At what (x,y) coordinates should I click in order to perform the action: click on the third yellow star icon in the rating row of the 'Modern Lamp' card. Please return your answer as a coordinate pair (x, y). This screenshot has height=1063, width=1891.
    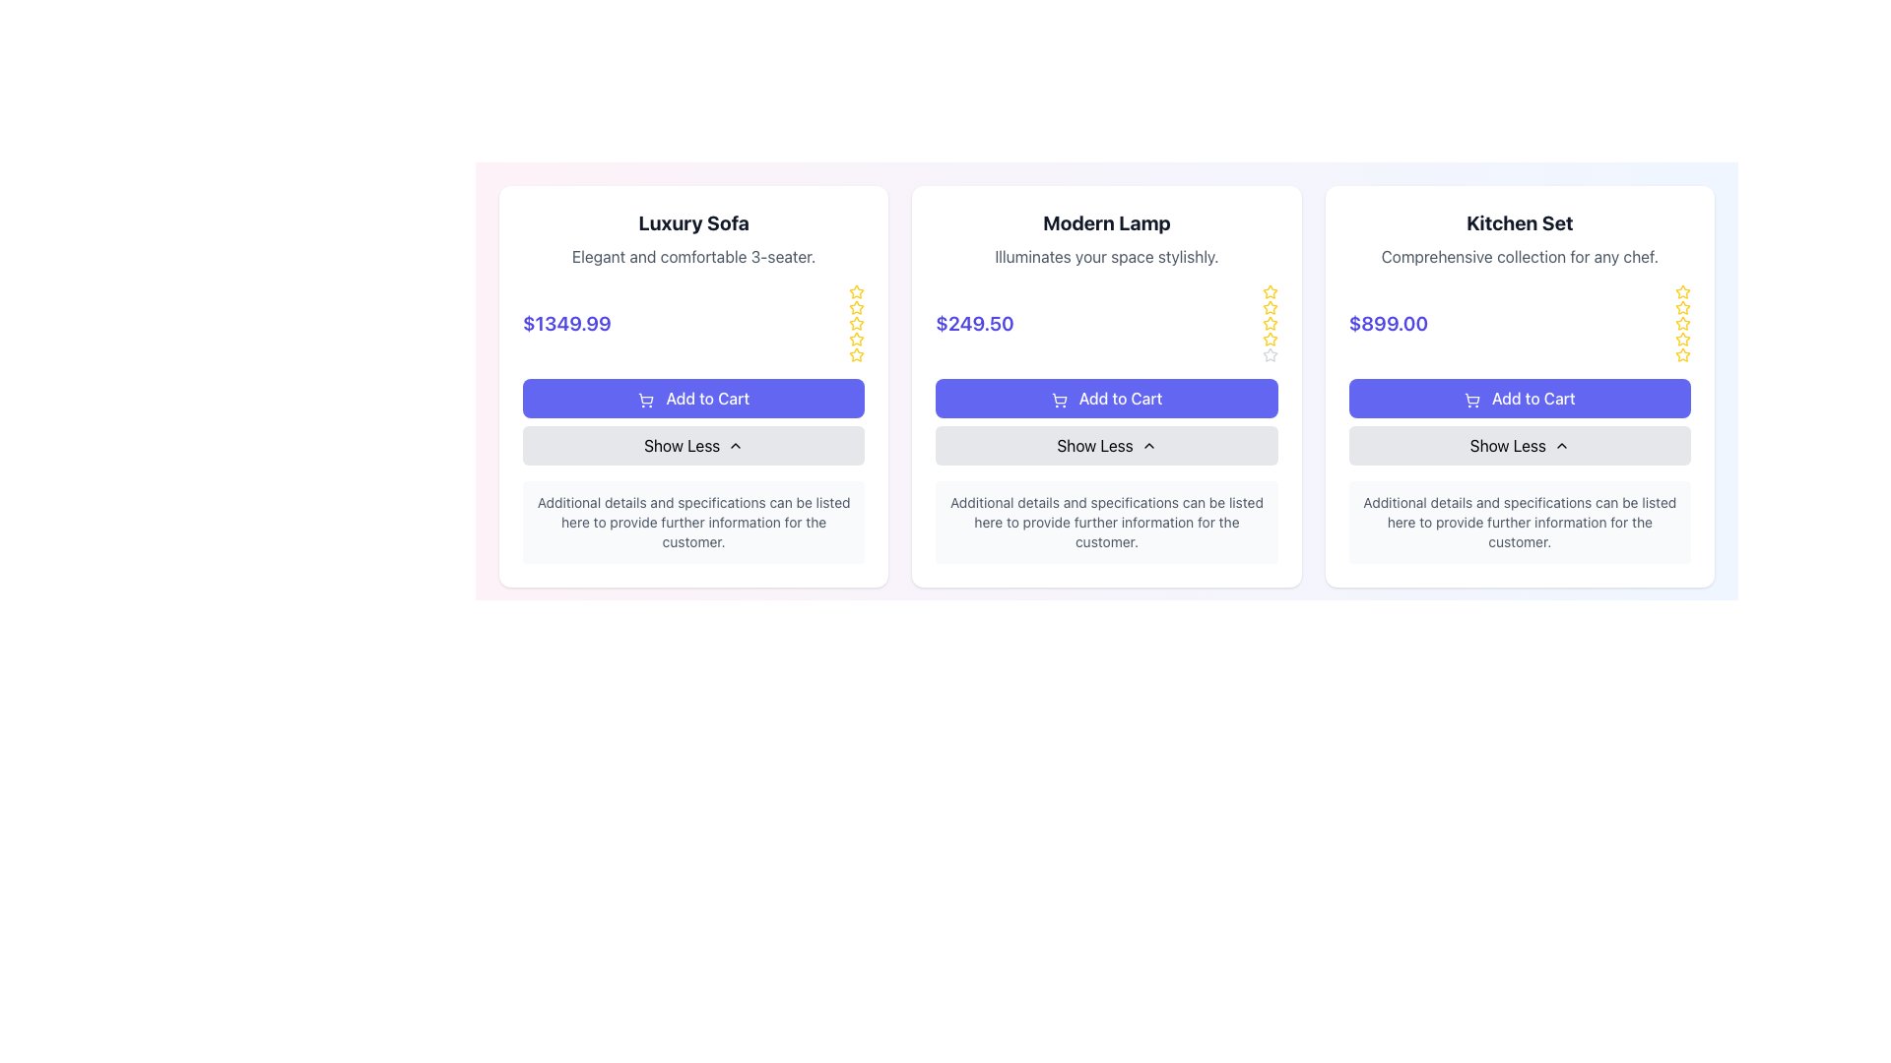
    Looking at the image, I should click on (1270, 307).